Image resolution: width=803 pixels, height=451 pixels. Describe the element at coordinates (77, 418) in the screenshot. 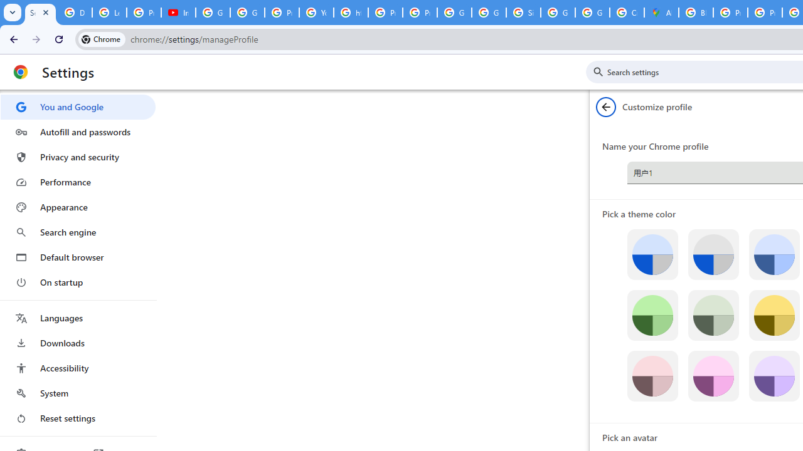

I see `'Reset settings'` at that location.